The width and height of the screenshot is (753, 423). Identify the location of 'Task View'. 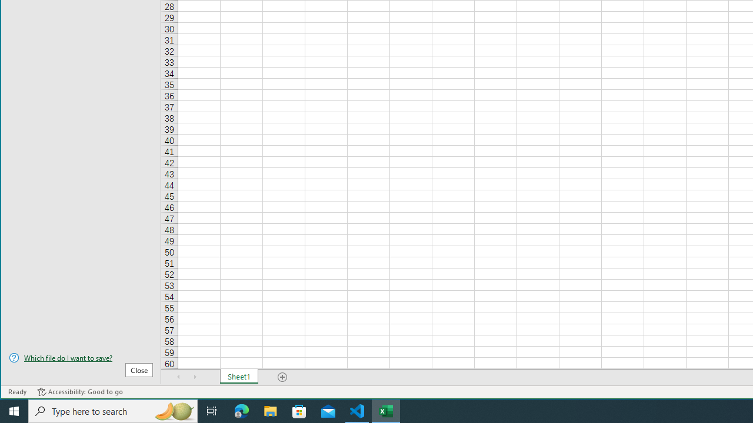
(211, 410).